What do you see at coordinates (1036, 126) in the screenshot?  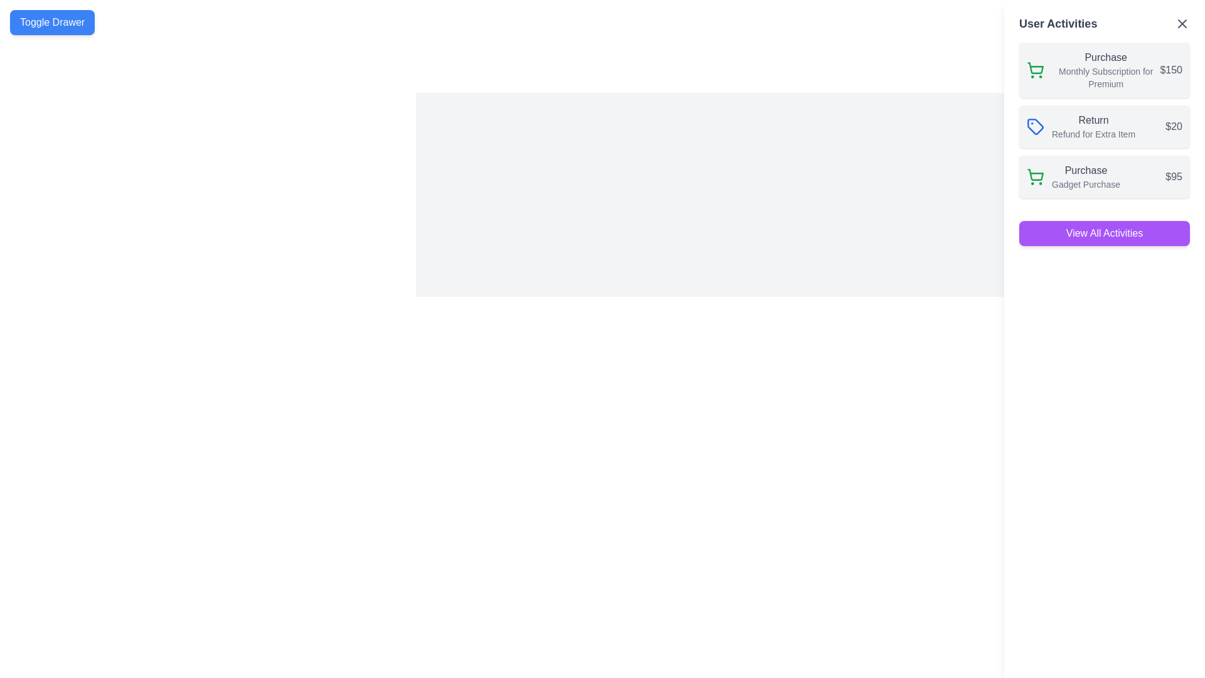 I see `the tag icon representing the 'Return' activity in the 'User Activities' panel, which is characterized by its polygonal shape and distinct color scheme` at bounding box center [1036, 126].